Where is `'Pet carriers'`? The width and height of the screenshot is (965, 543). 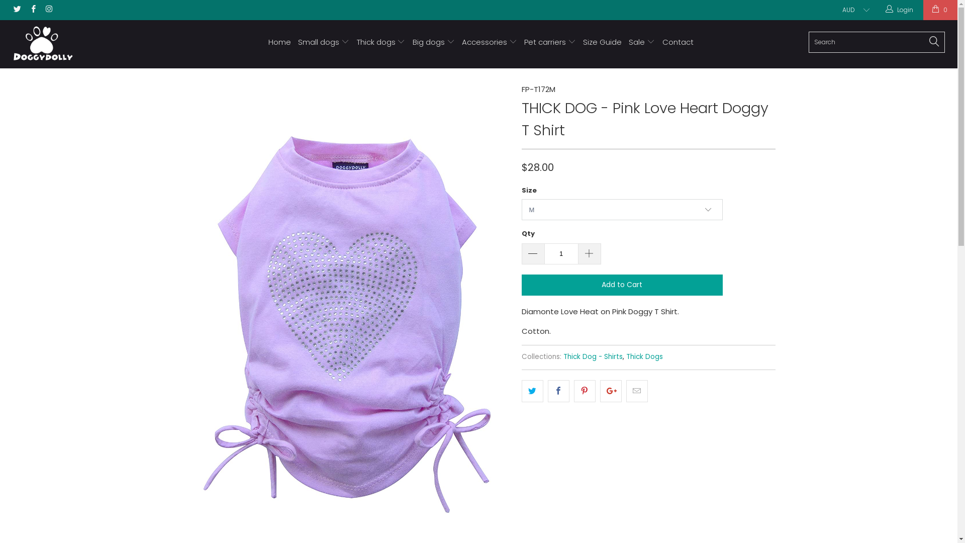
'Pet carriers' is located at coordinates (523, 42).